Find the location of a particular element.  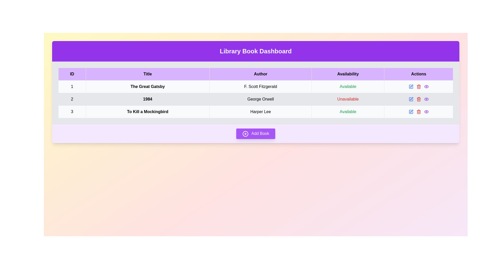

the Text label displaying the title of a book in the library dashboard table, which is located in the second row under the 'Title' column is located at coordinates (147, 99).